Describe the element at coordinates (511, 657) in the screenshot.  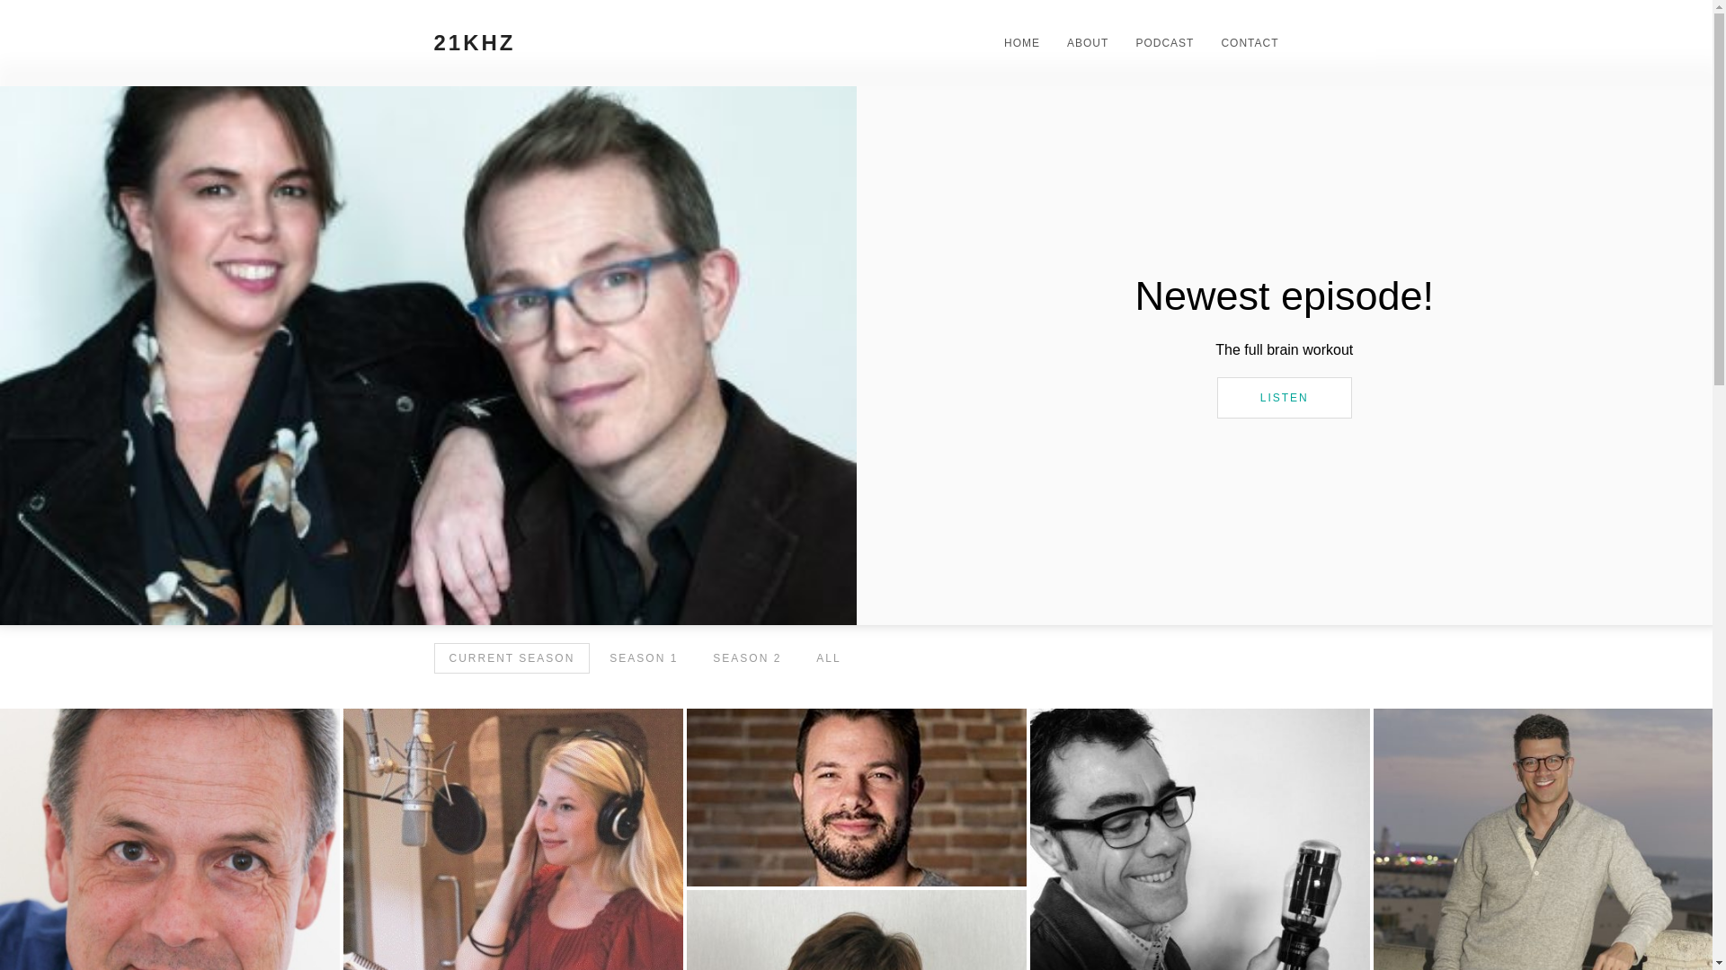
I see `'CURRENT SEASON'` at that location.